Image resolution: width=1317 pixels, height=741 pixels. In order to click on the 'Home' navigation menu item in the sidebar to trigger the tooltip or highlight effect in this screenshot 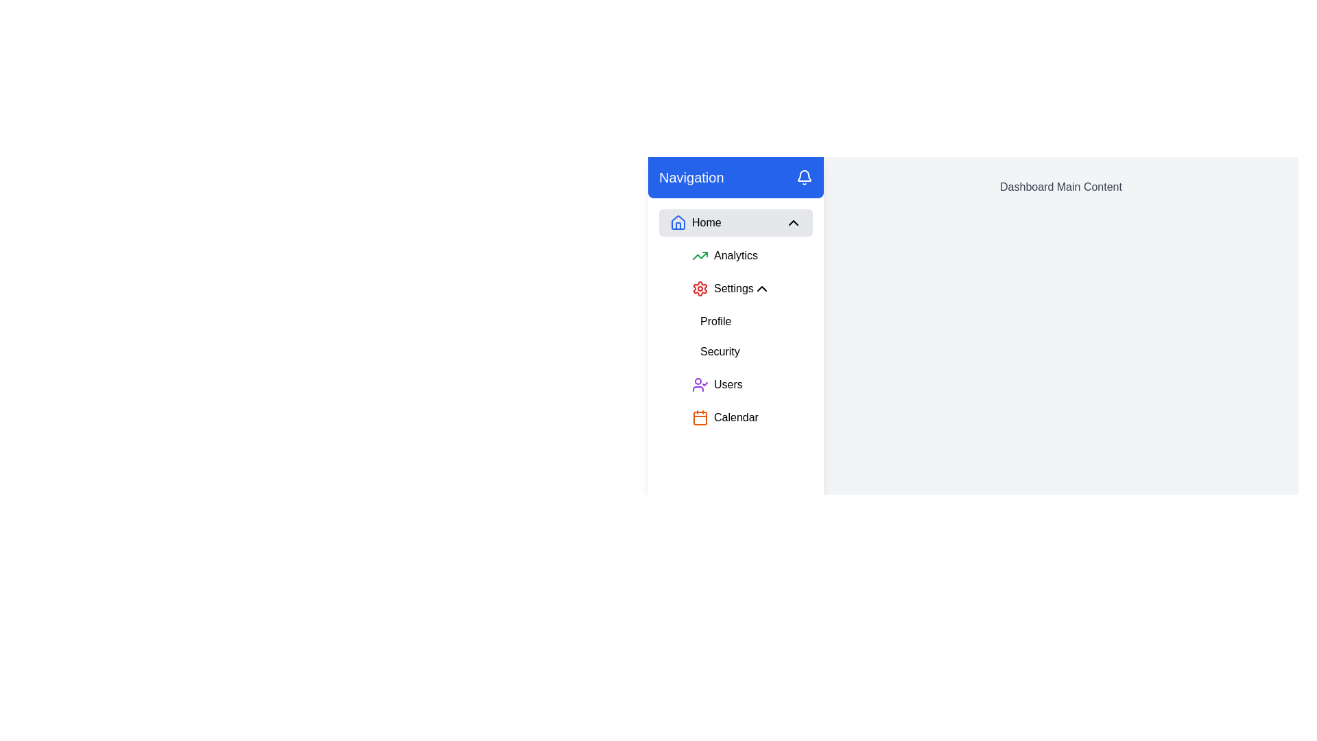, I will do `click(696, 222)`.